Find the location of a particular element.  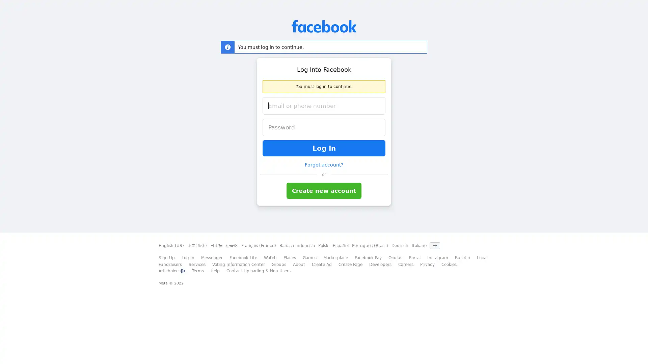

Show more languages is located at coordinates (435, 246).